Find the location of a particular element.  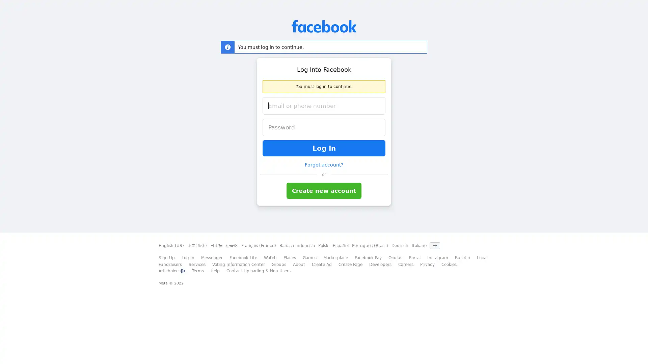

Show more languages is located at coordinates (435, 246).